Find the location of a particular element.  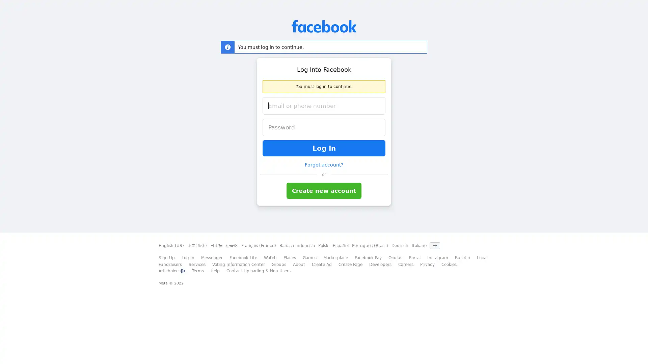

Show more languages is located at coordinates (435, 246).